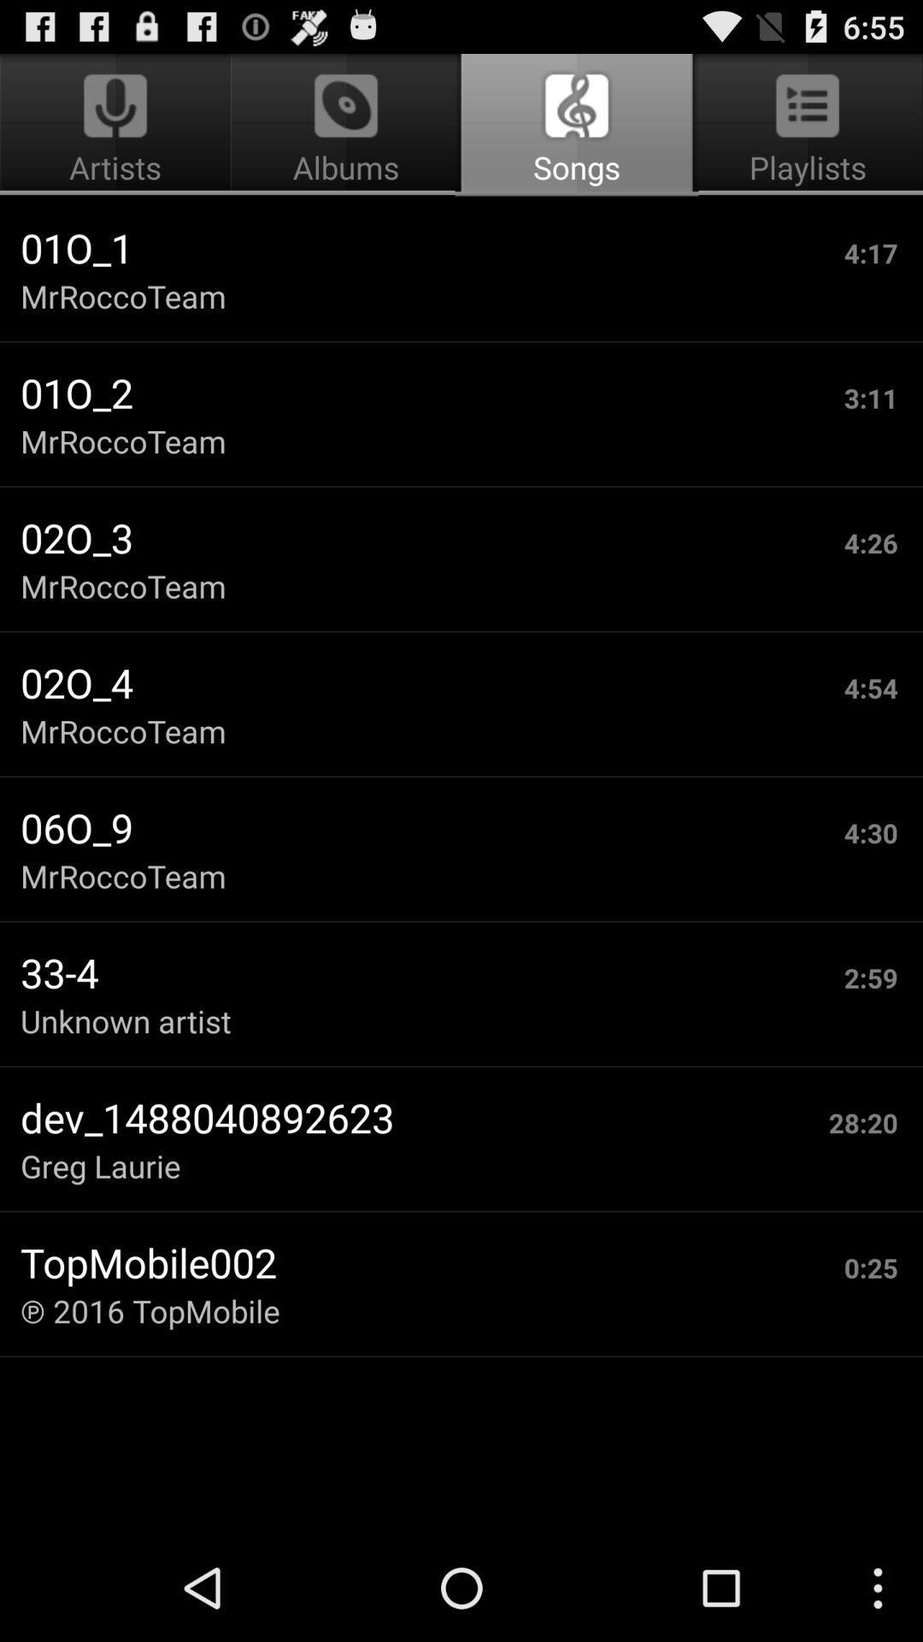  Describe the element at coordinates (117, 125) in the screenshot. I see `artists at the top left corner` at that location.